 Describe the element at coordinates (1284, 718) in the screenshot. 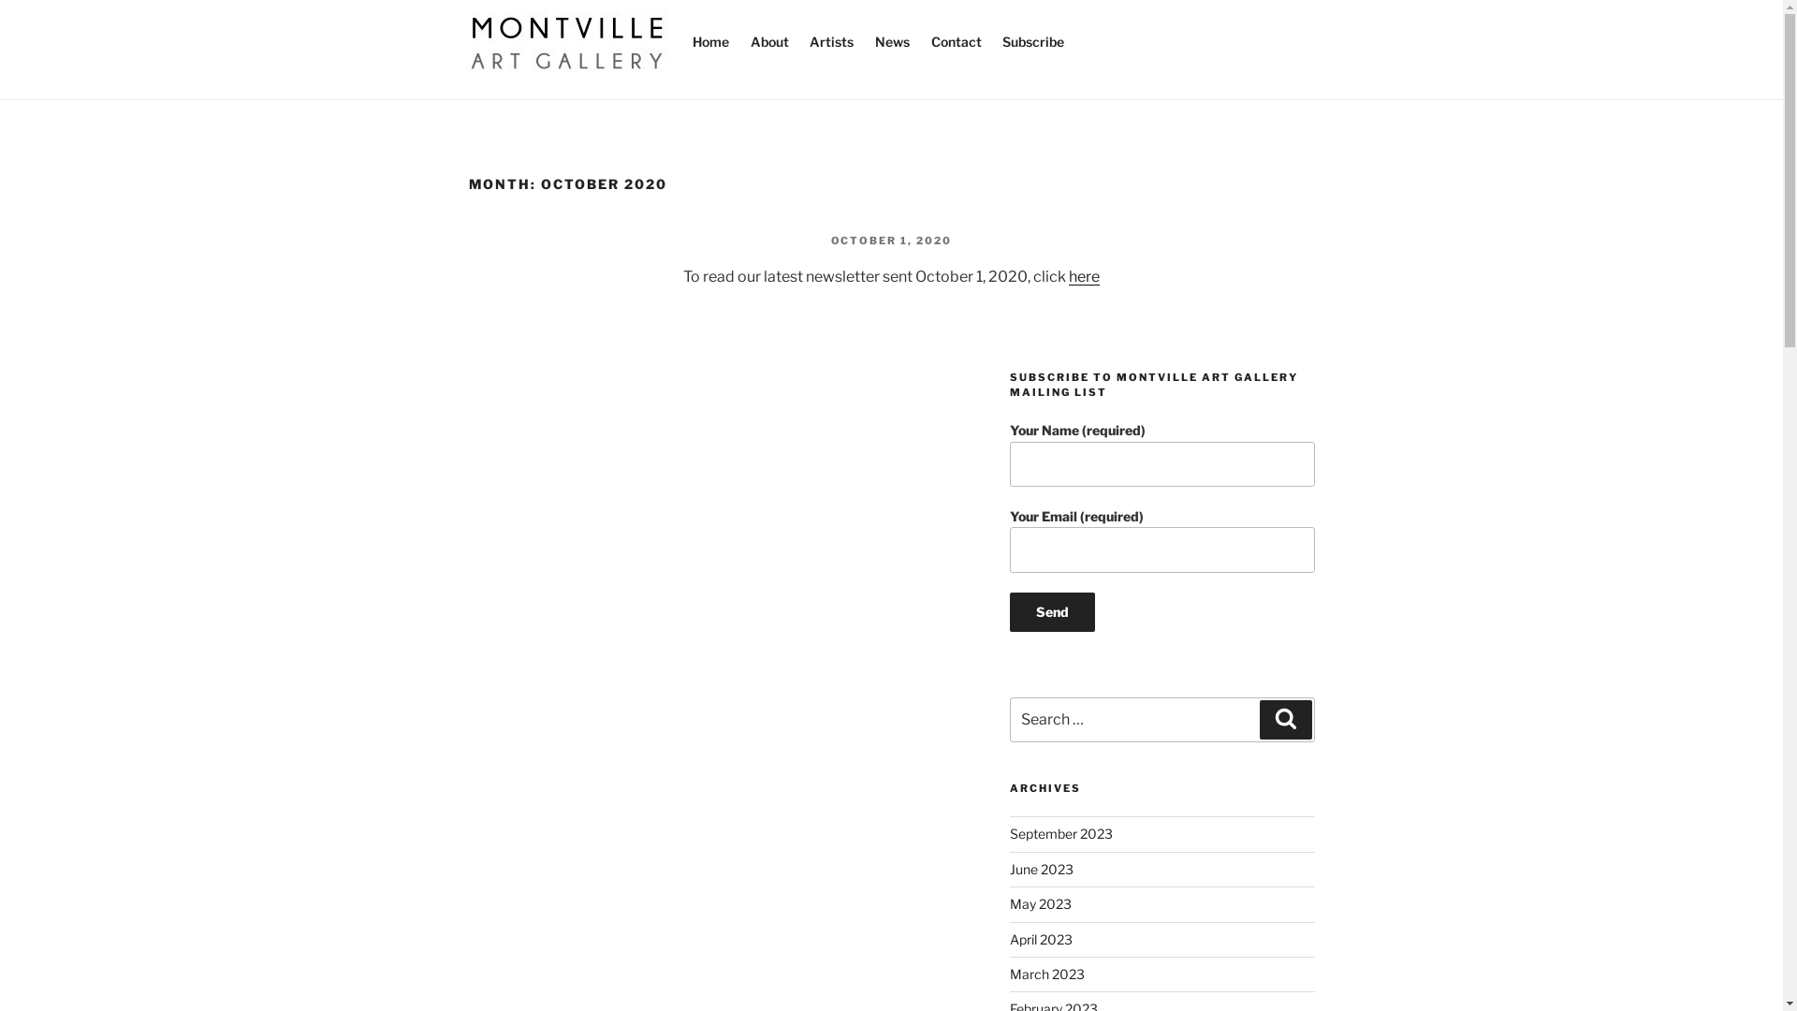

I see `'Search'` at that location.